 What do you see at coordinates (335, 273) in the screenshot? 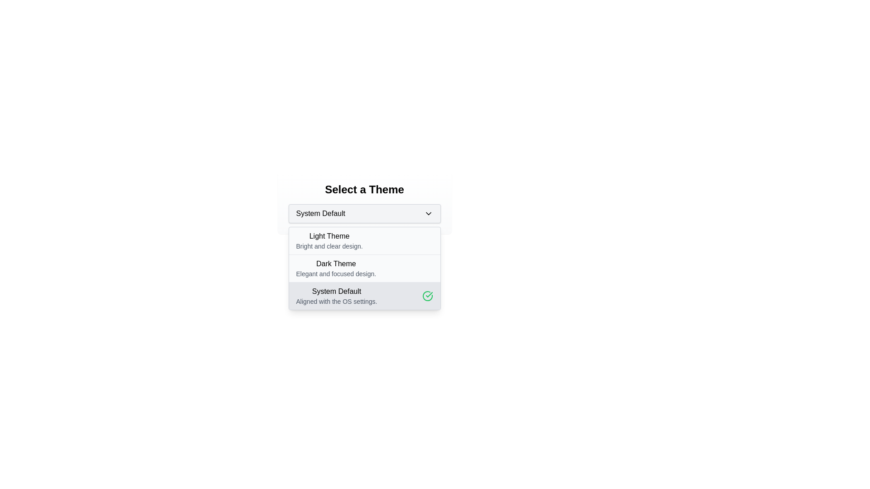
I see `text 'Elegant and focused design.' located in the dropdown menu below the 'Dark Theme' title` at bounding box center [335, 273].